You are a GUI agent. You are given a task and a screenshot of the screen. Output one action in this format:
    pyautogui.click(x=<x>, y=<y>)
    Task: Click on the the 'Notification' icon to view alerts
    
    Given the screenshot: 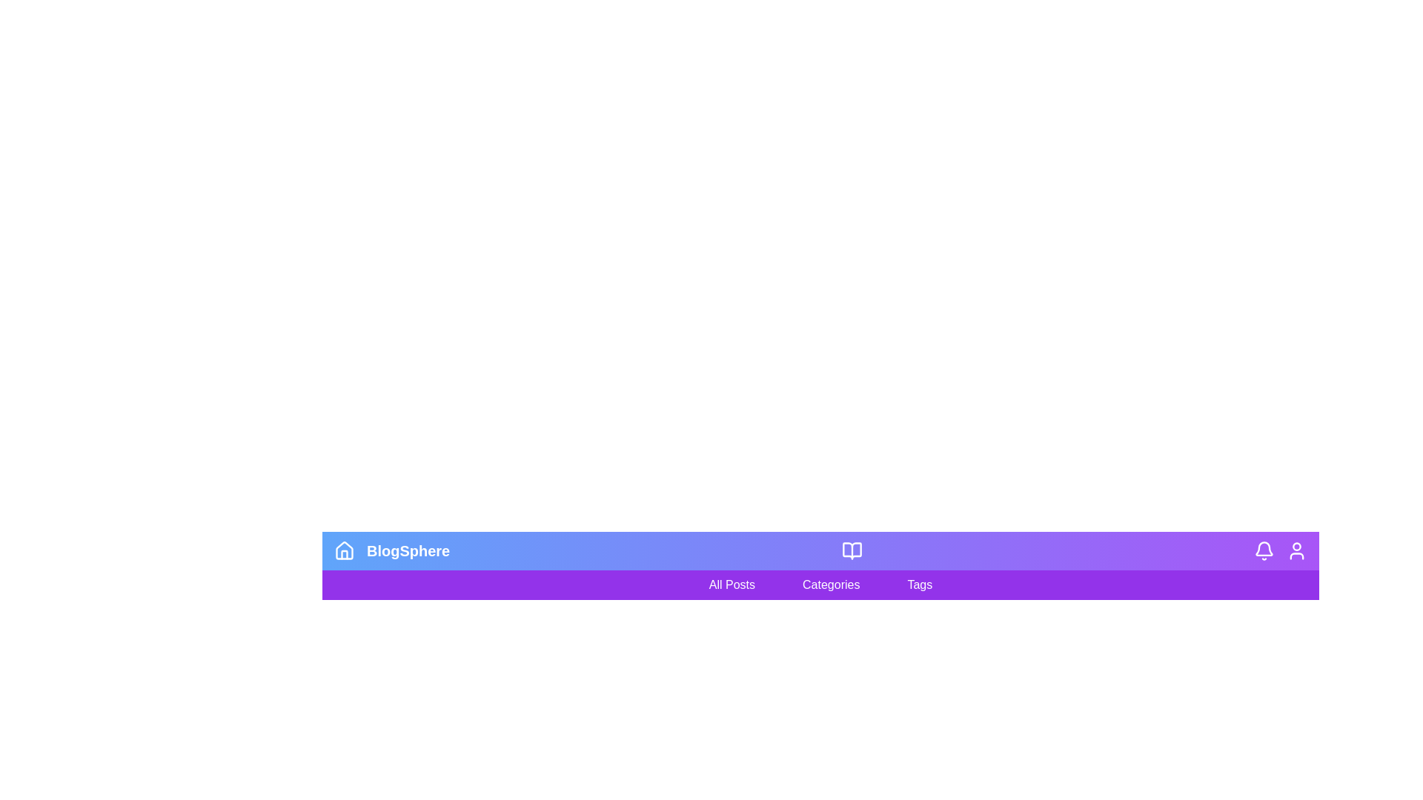 What is the action you would take?
    pyautogui.click(x=1263, y=551)
    